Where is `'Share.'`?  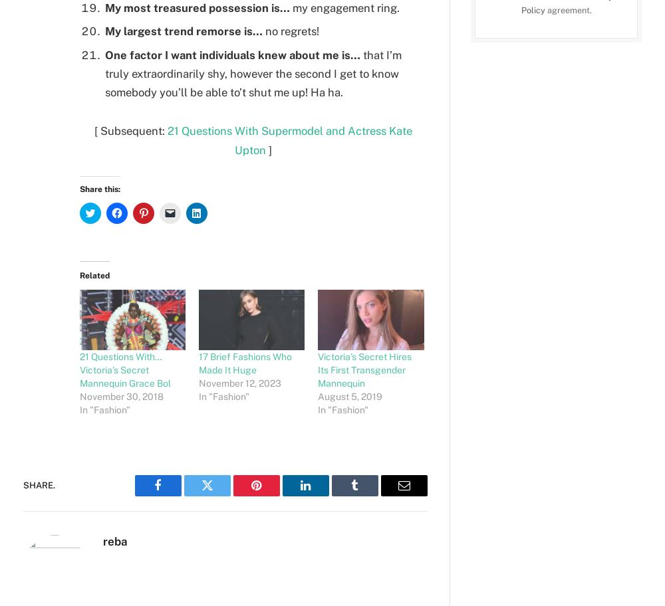
'Share.' is located at coordinates (39, 484).